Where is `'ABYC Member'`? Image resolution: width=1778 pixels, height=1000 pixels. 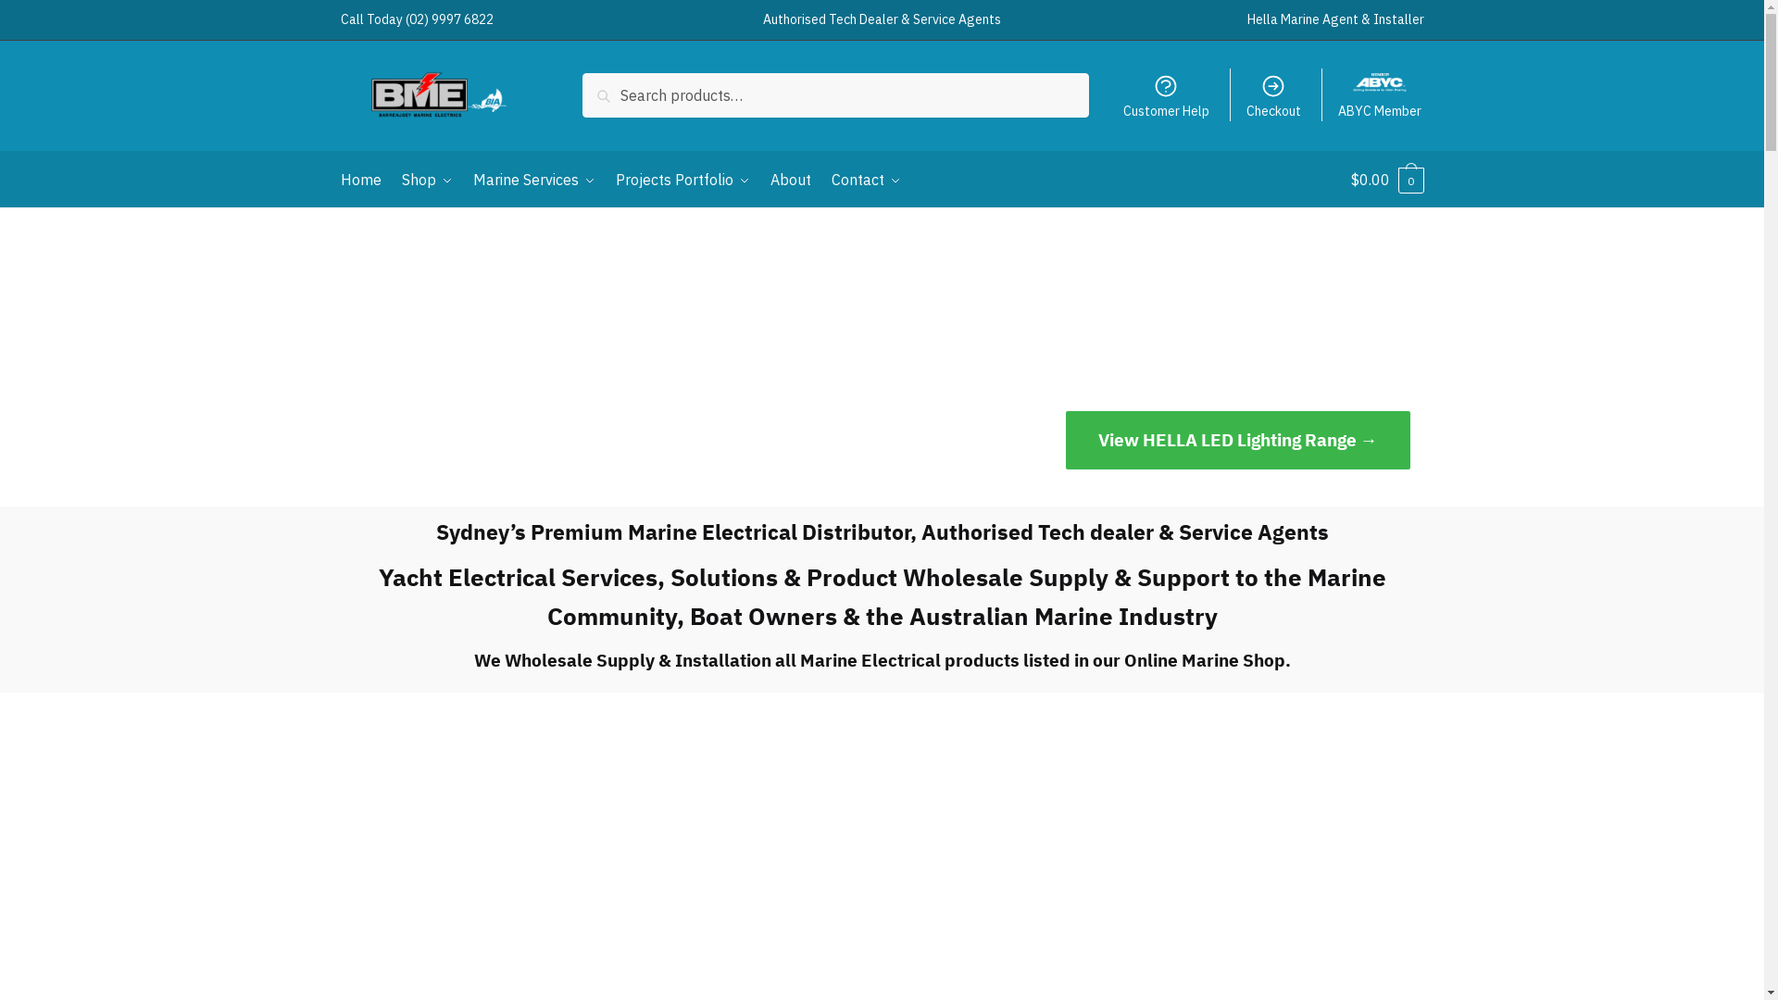 'ABYC Member' is located at coordinates (1379, 95).